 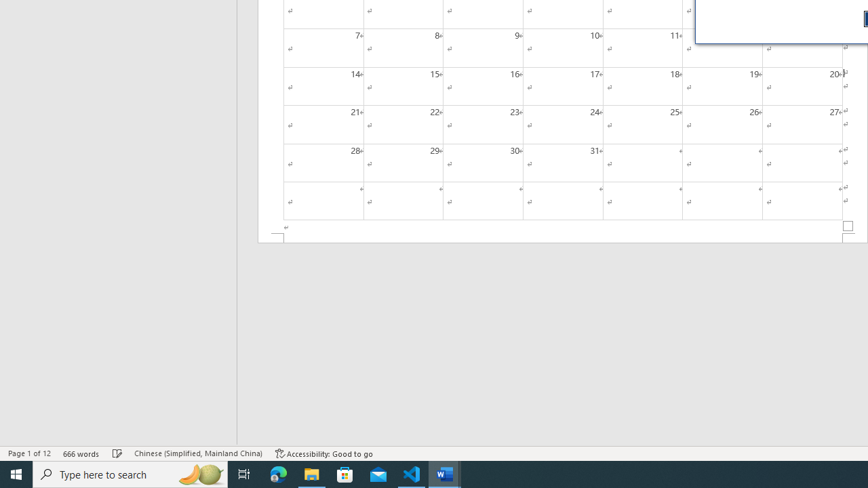 I want to click on 'Start', so click(x=16, y=473).